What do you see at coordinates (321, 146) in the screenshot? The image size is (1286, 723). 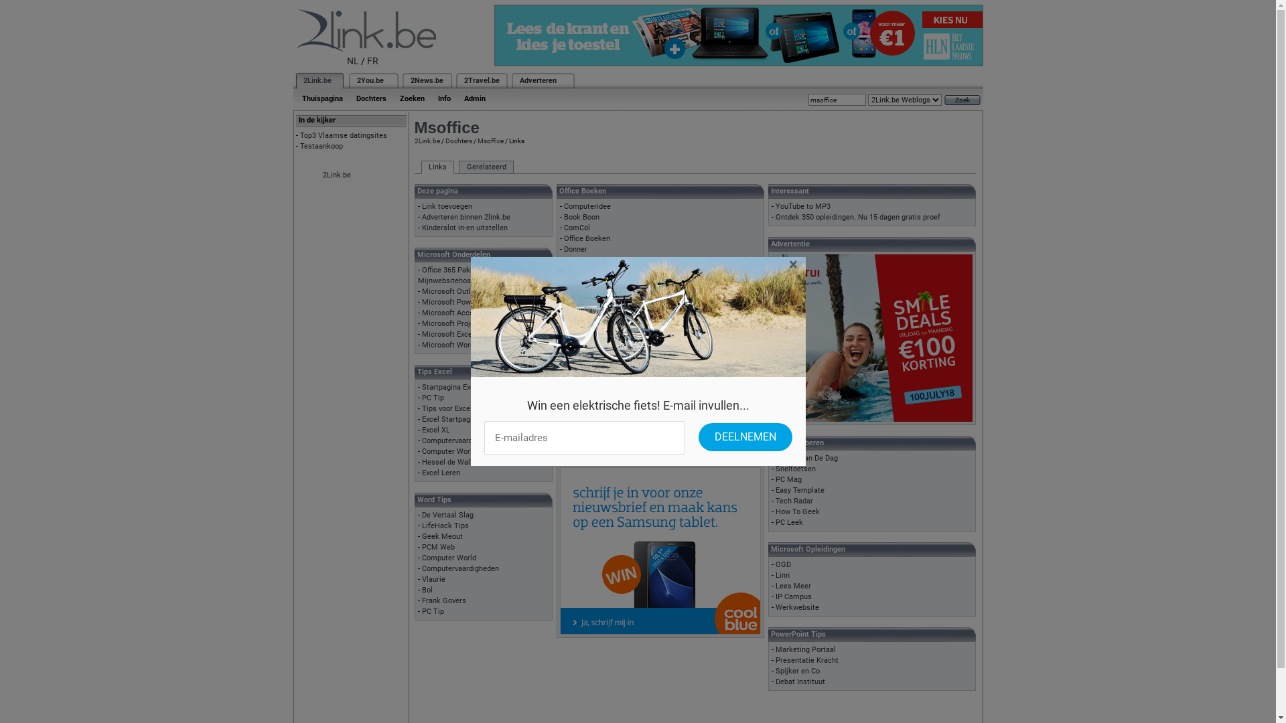 I see `'Testaankoop'` at bounding box center [321, 146].